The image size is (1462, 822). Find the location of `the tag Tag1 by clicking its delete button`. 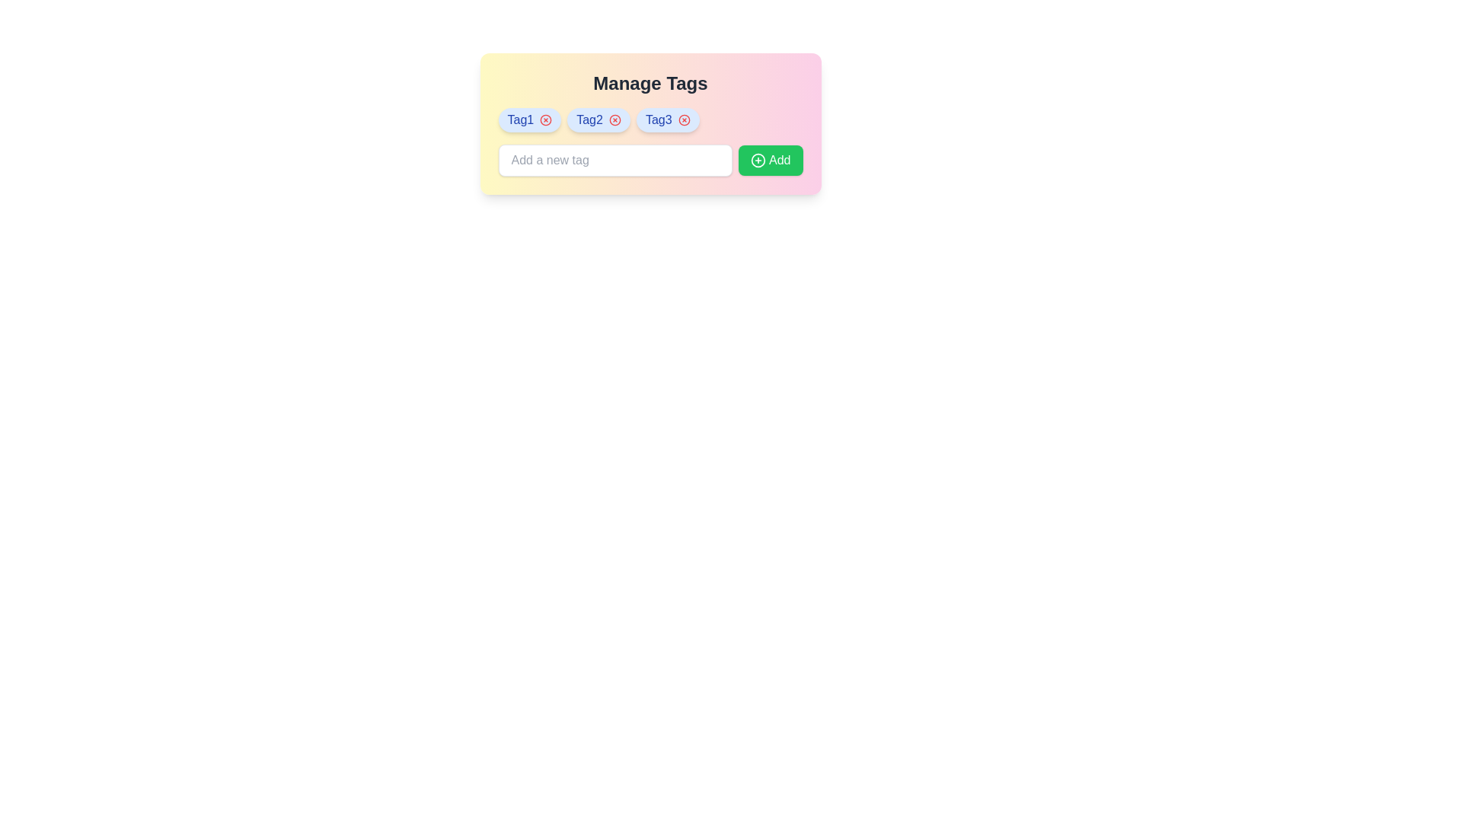

the tag Tag1 by clicking its delete button is located at coordinates (546, 119).